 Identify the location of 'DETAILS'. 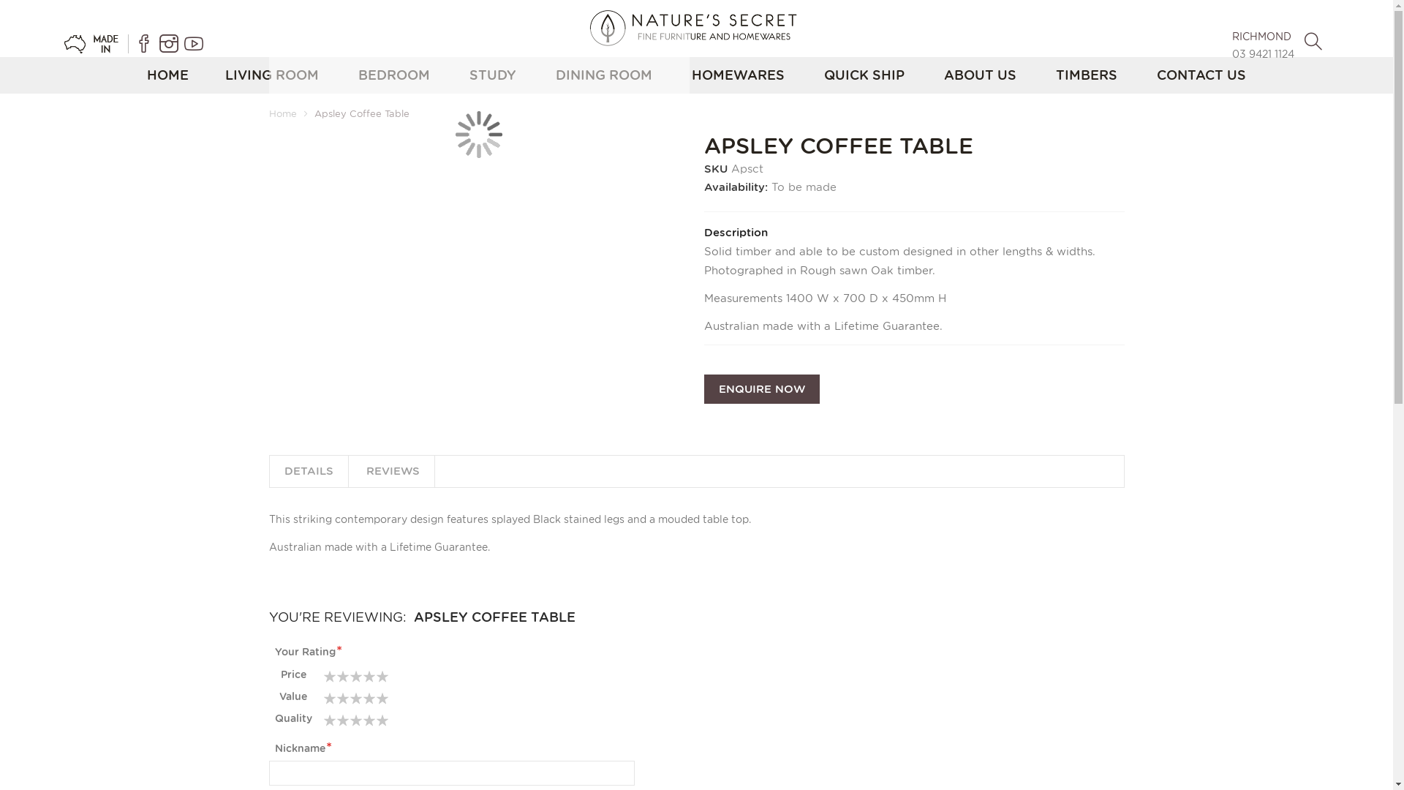
(269, 471).